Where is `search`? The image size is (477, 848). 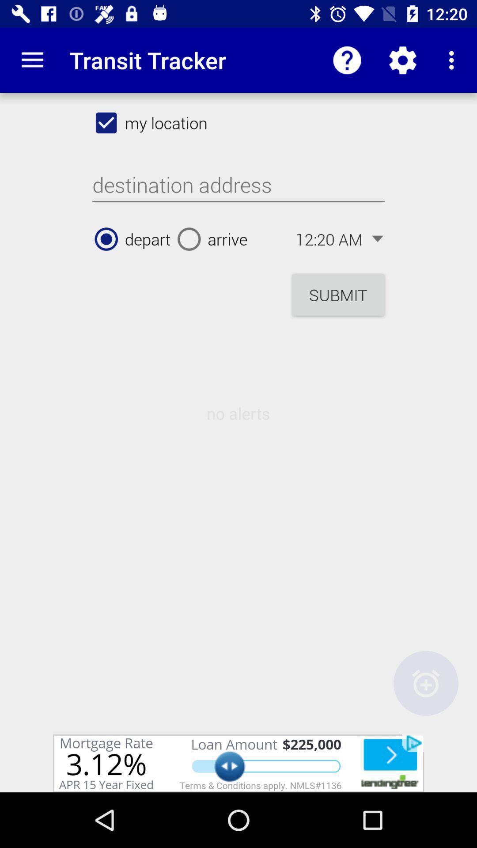 search is located at coordinates (238, 185).